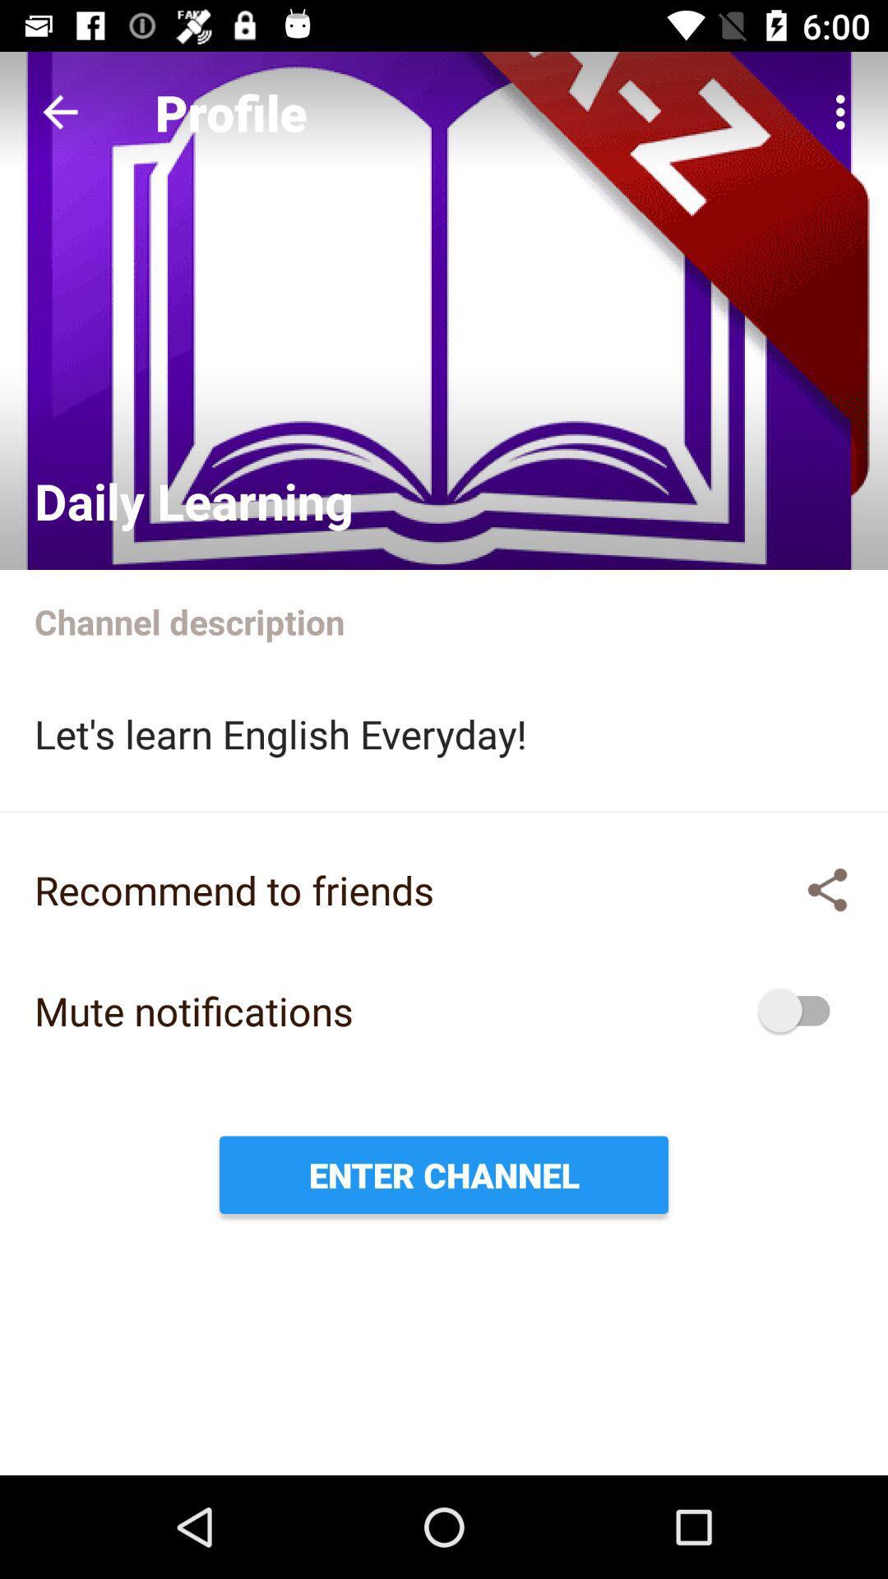 This screenshot has height=1579, width=888. I want to click on the enter channel icon, so click(444, 1174).